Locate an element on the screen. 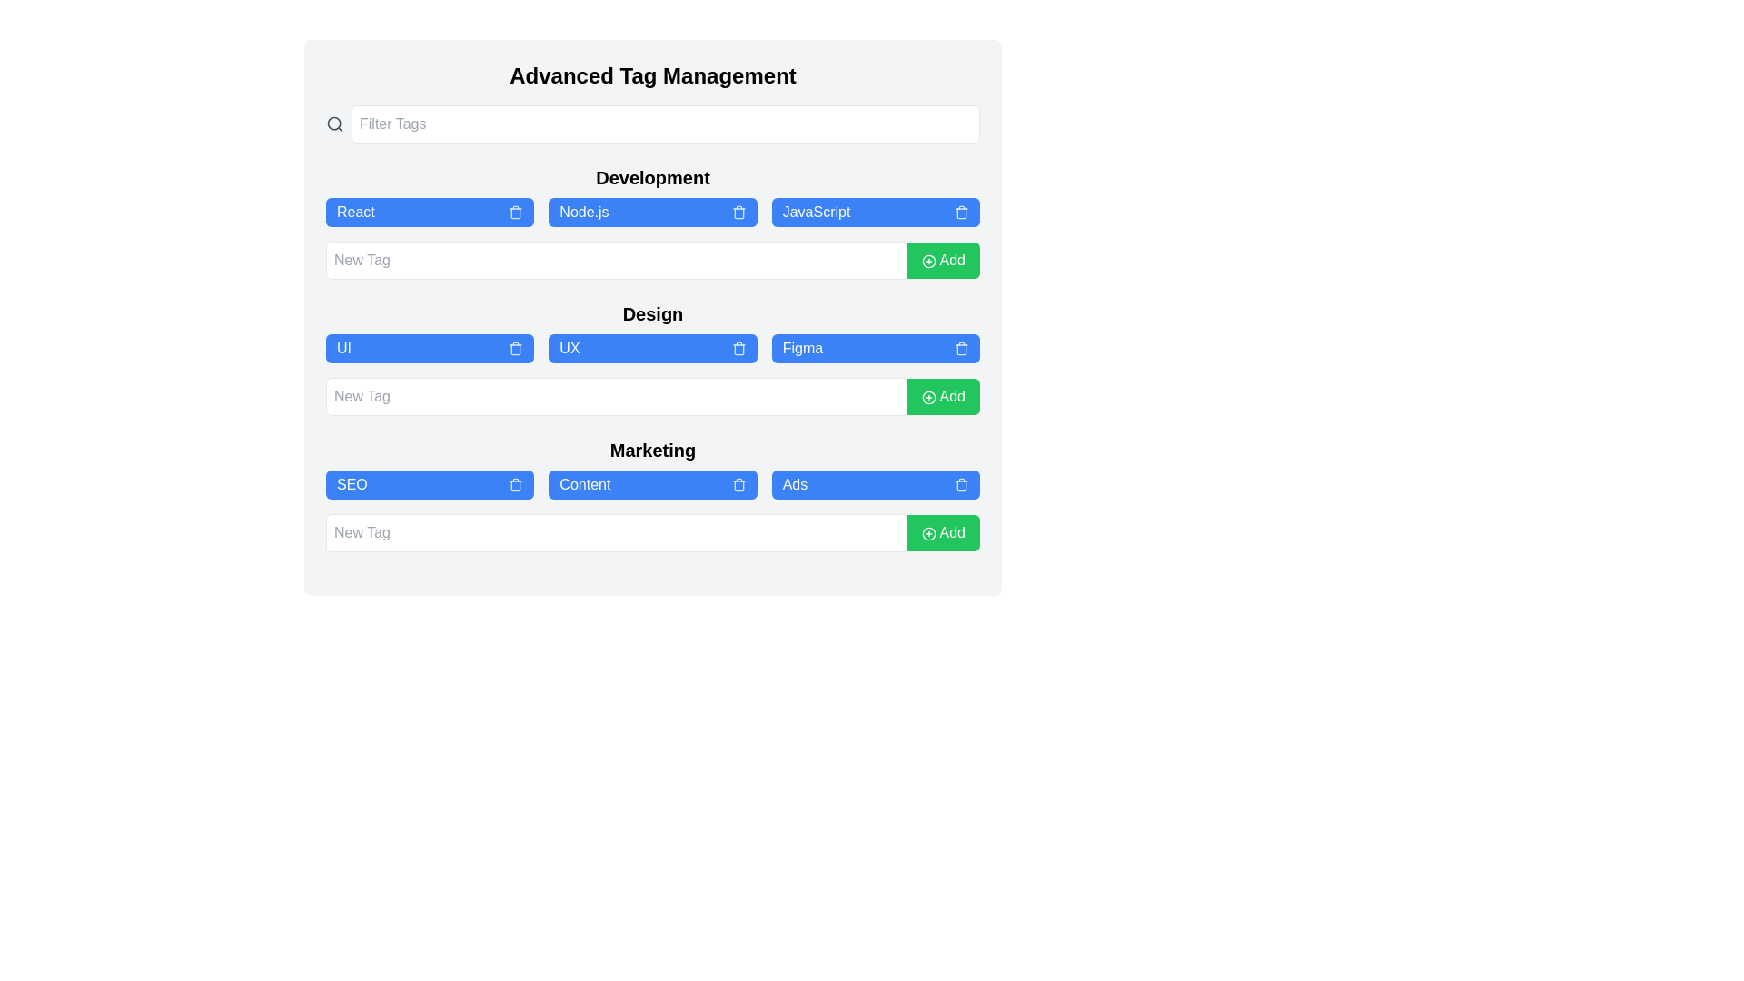  the 'Ads' label which is styled in white font on a blue background, located in the bottom-right corner of the 'Marketing' section next to the 'Content' button is located at coordinates (795, 483).